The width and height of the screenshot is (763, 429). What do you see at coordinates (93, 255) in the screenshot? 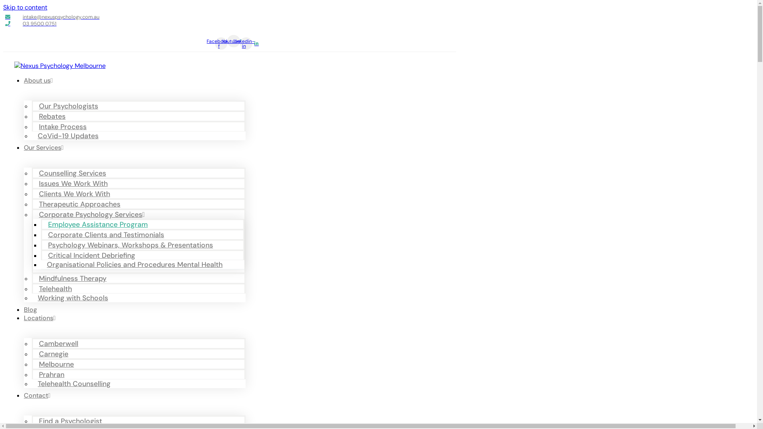
I see `'Critical Incident Debriefing'` at bounding box center [93, 255].